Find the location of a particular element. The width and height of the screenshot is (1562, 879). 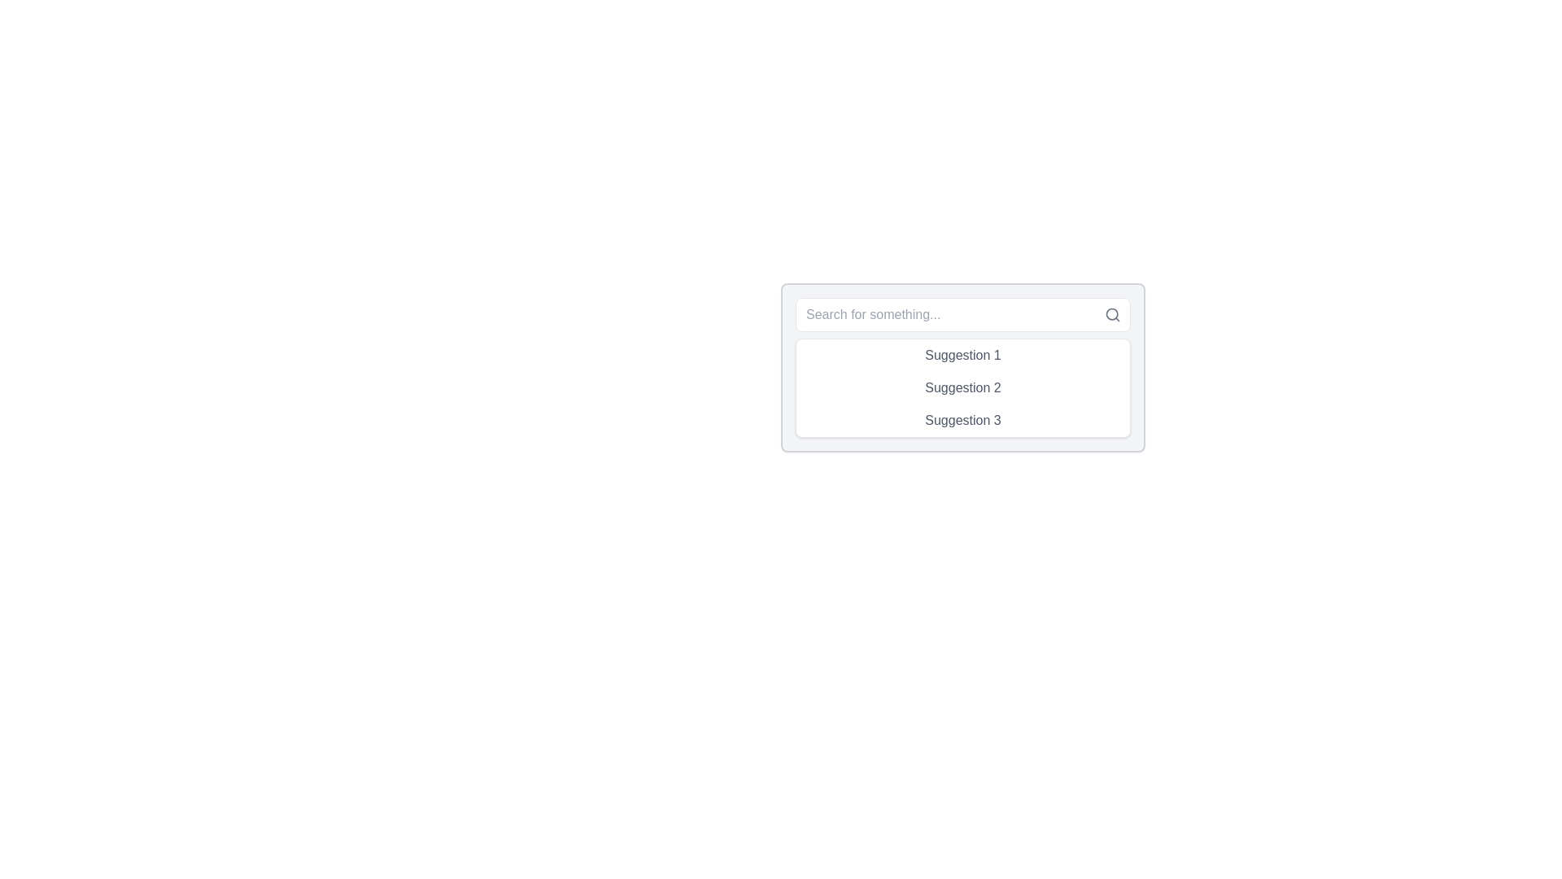

the circular lens part of the magnifying glass icon located in the top-right corner of the search bar is located at coordinates (1111, 314).